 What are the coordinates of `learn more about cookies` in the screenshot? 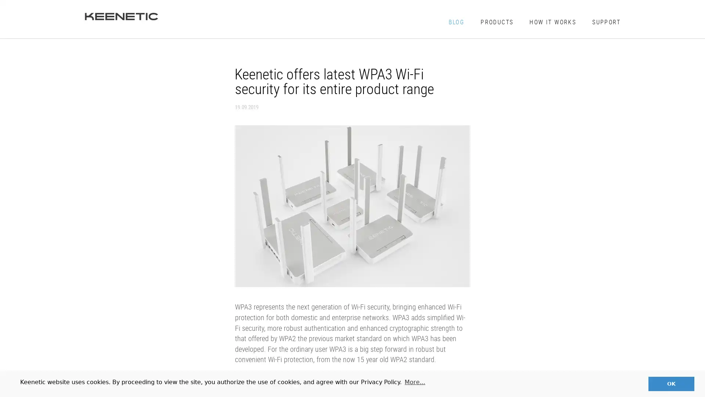 It's located at (415, 381).